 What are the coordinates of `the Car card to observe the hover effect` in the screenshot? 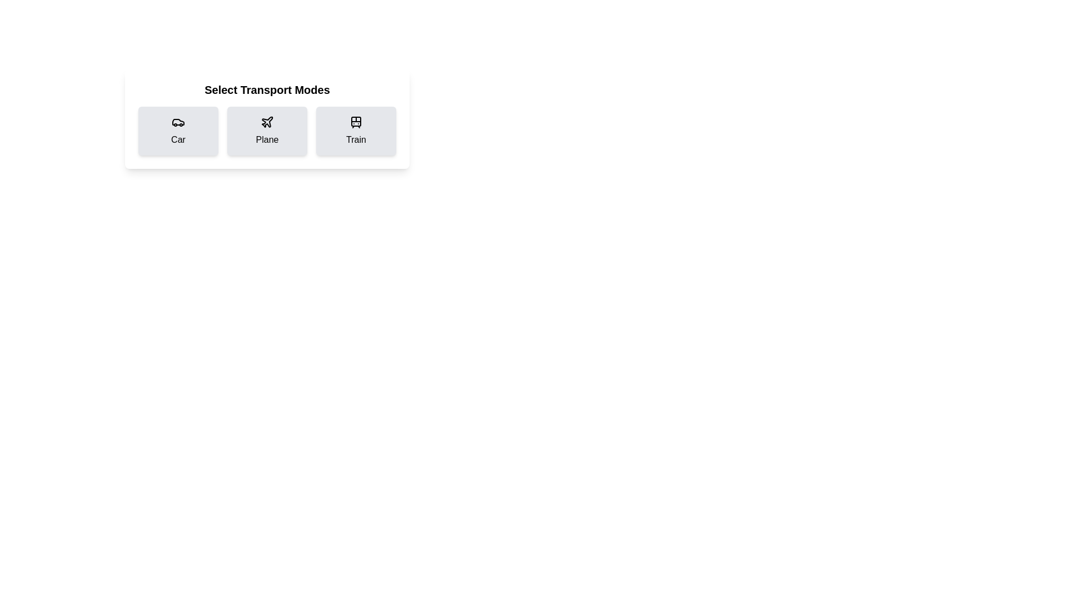 It's located at (178, 130).